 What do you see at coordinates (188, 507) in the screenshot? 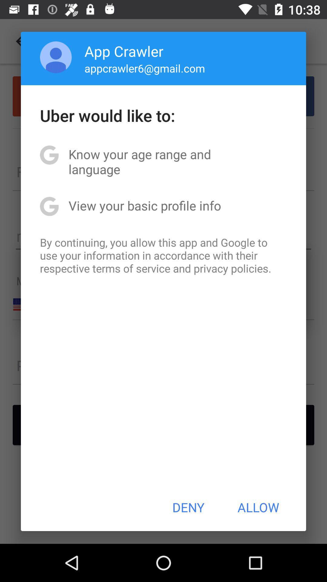
I see `deny at the bottom` at bounding box center [188, 507].